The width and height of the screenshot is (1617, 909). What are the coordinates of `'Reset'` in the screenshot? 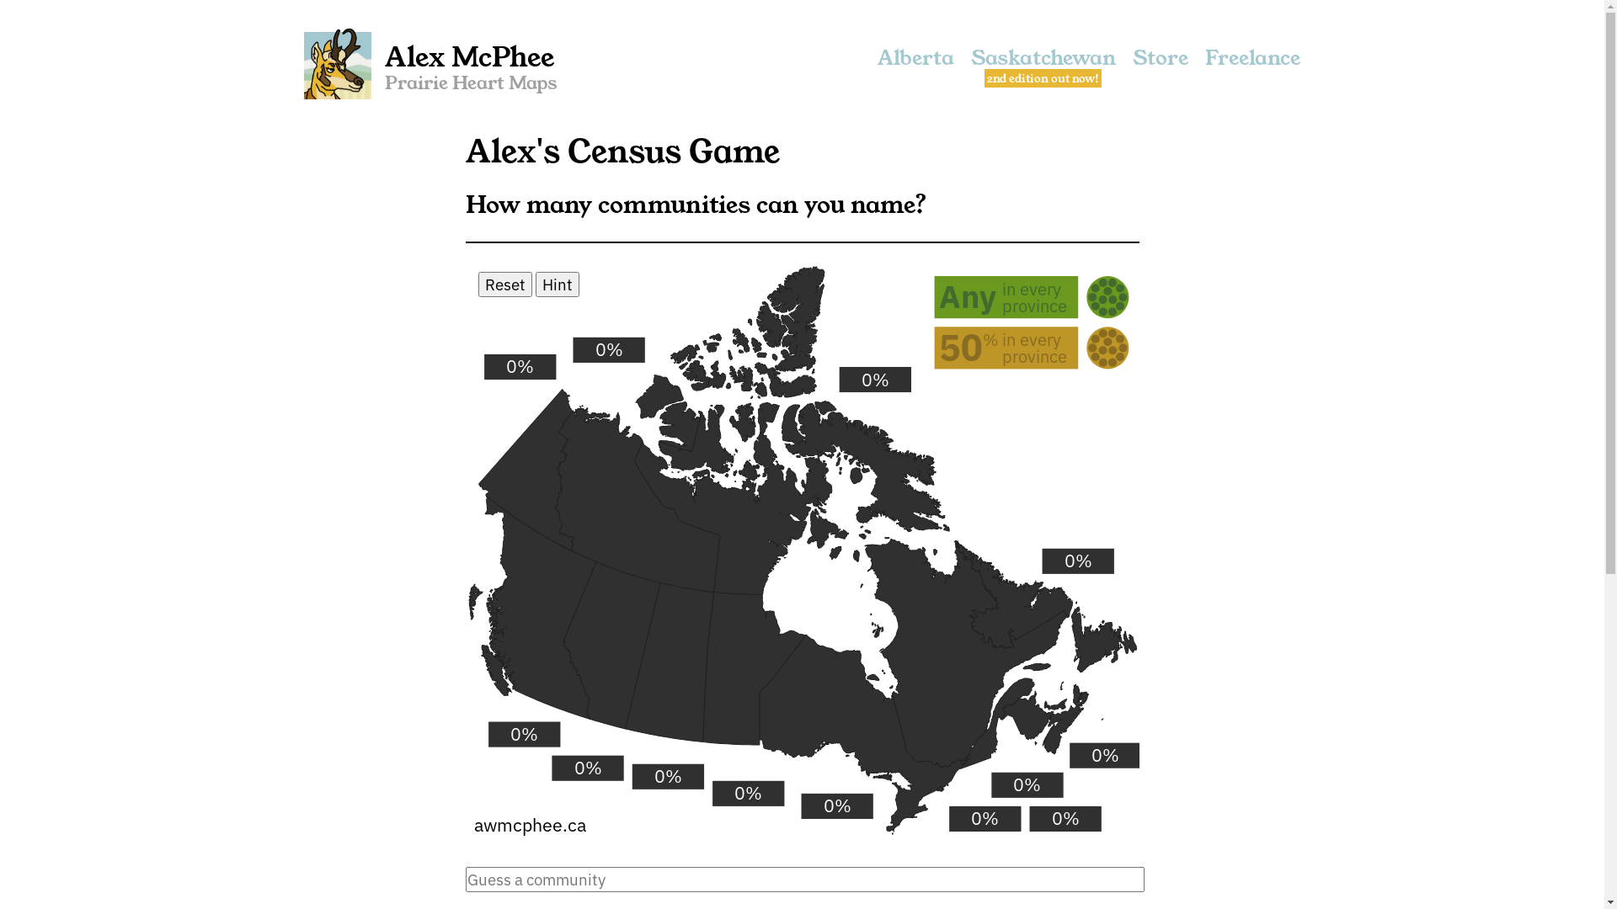 It's located at (504, 284).